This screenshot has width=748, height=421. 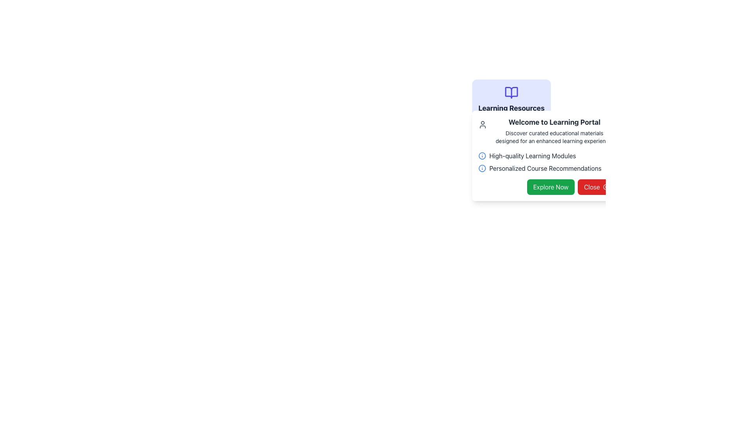 I want to click on the static text element that provides an introduction to the Learning Portal, located in the upper section of a popup card, beneath an icon, so click(x=547, y=130).